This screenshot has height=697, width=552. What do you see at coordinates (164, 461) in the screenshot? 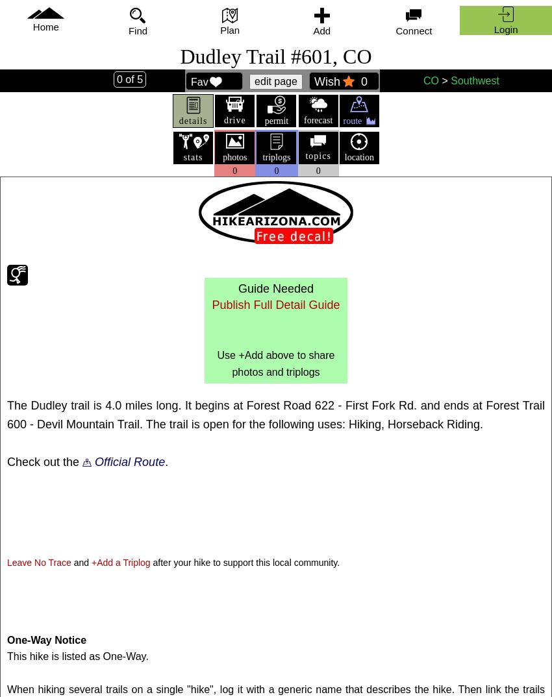
I see `'.'` at bounding box center [164, 461].